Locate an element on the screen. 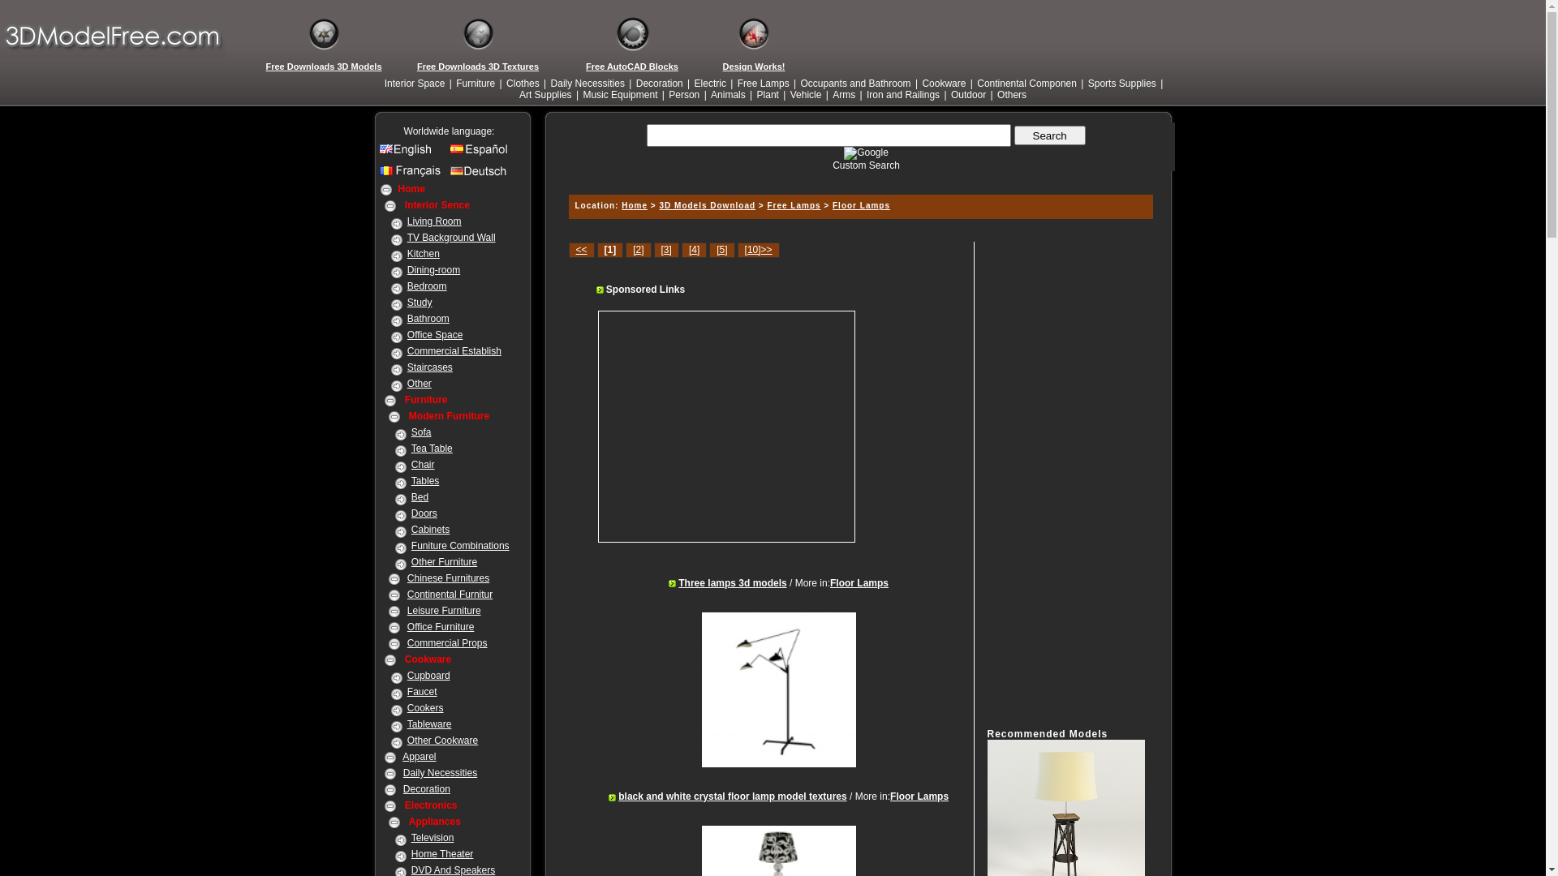 Image resolution: width=1558 pixels, height=876 pixels. 'Electric' is located at coordinates (693, 84).